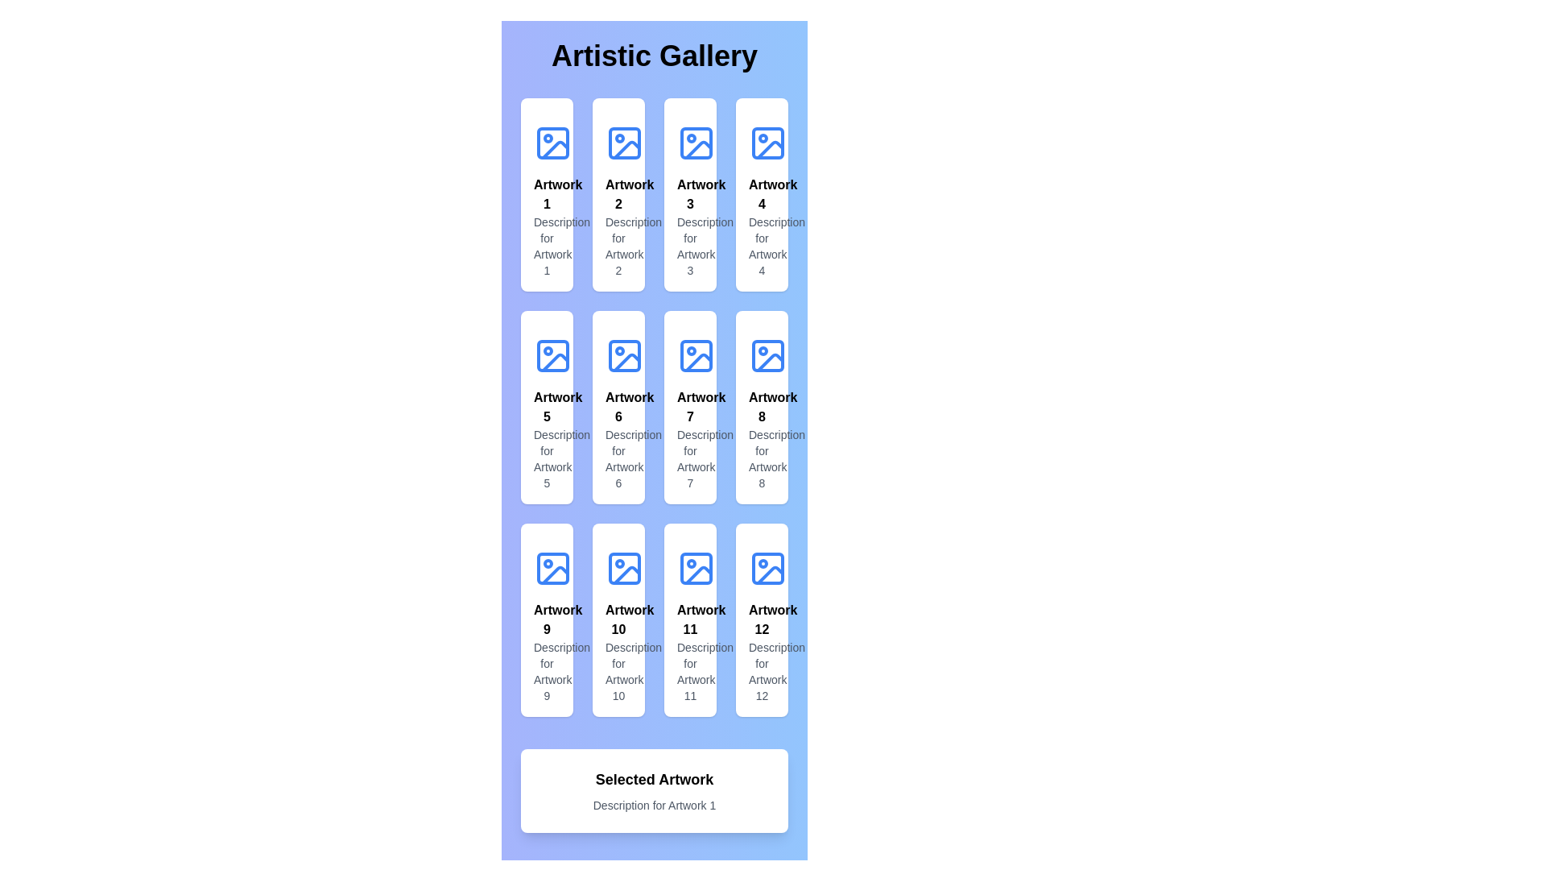 This screenshot has width=1546, height=870. What do you see at coordinates (696, 355) in the screenshot?
I see `the decorative graphics or icon representing an image within the grid item for Artwork 7, located in the third column of the second row under 'Artistic Gallery'` at bounding box center [696, 355].